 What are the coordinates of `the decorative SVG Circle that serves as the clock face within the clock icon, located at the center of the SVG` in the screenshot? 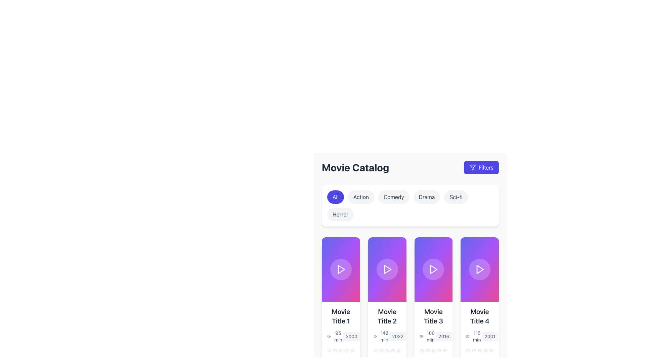 It's located at (329, 336).